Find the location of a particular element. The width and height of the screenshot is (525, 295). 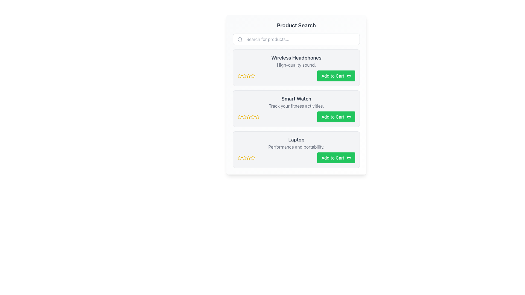

the second star in the five-star rating row to rate the product 'Smart Watch' or view details is located at coordinates (240, 116).